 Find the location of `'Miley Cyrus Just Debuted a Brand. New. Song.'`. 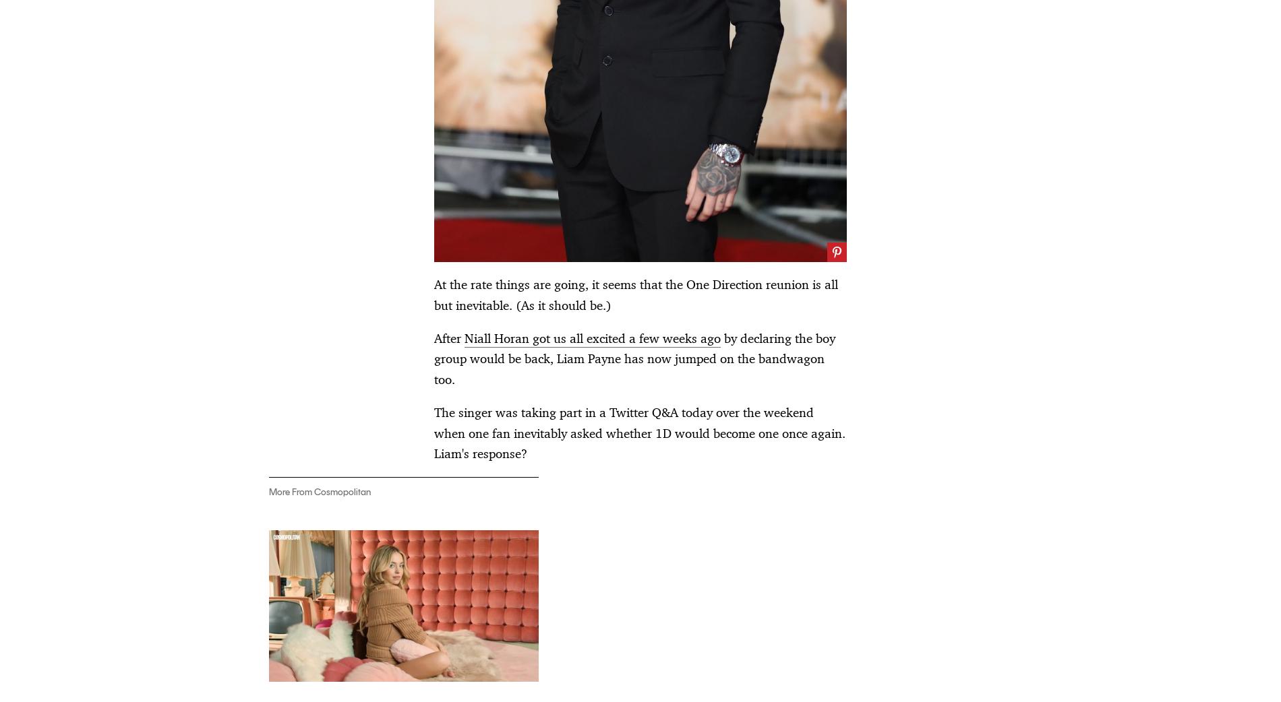

'Miley Cyrus Just Debuted a Brand. New. Song.' is located at coordinates (529, 276).